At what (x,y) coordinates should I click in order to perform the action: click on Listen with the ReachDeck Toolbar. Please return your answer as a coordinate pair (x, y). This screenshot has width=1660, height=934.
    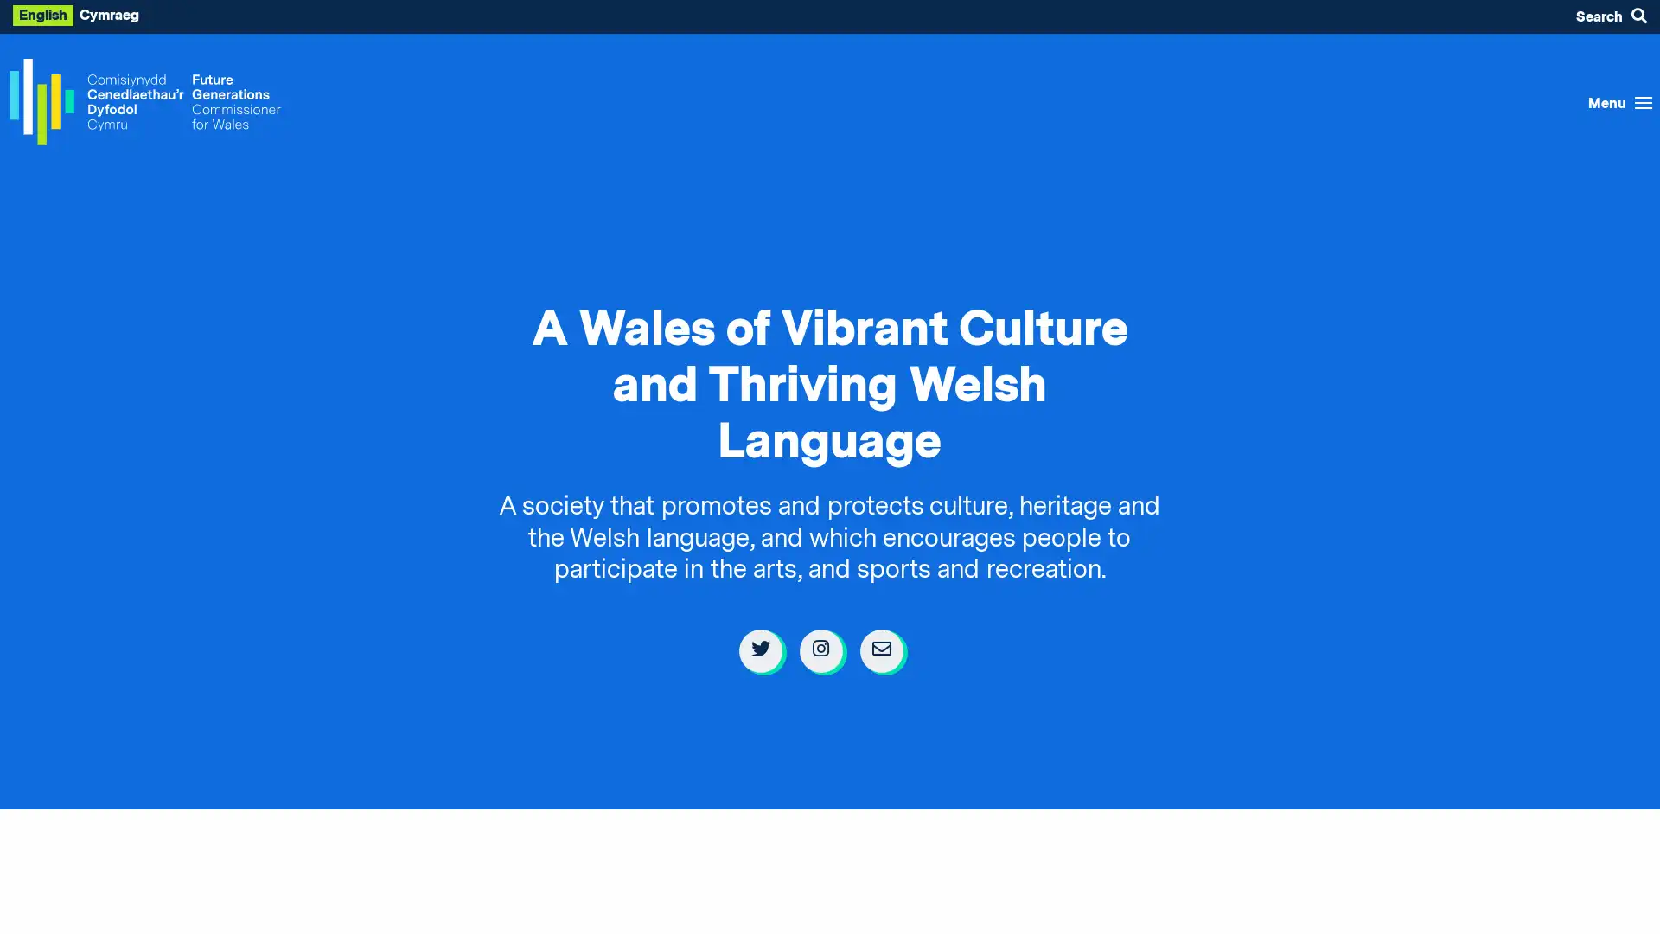
    Looking at the image, I should click on (1613, 891).